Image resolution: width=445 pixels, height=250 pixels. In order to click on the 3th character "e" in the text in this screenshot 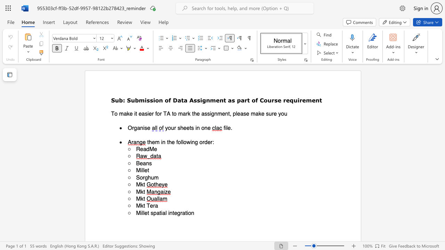, I will do `click(288, 100)`.